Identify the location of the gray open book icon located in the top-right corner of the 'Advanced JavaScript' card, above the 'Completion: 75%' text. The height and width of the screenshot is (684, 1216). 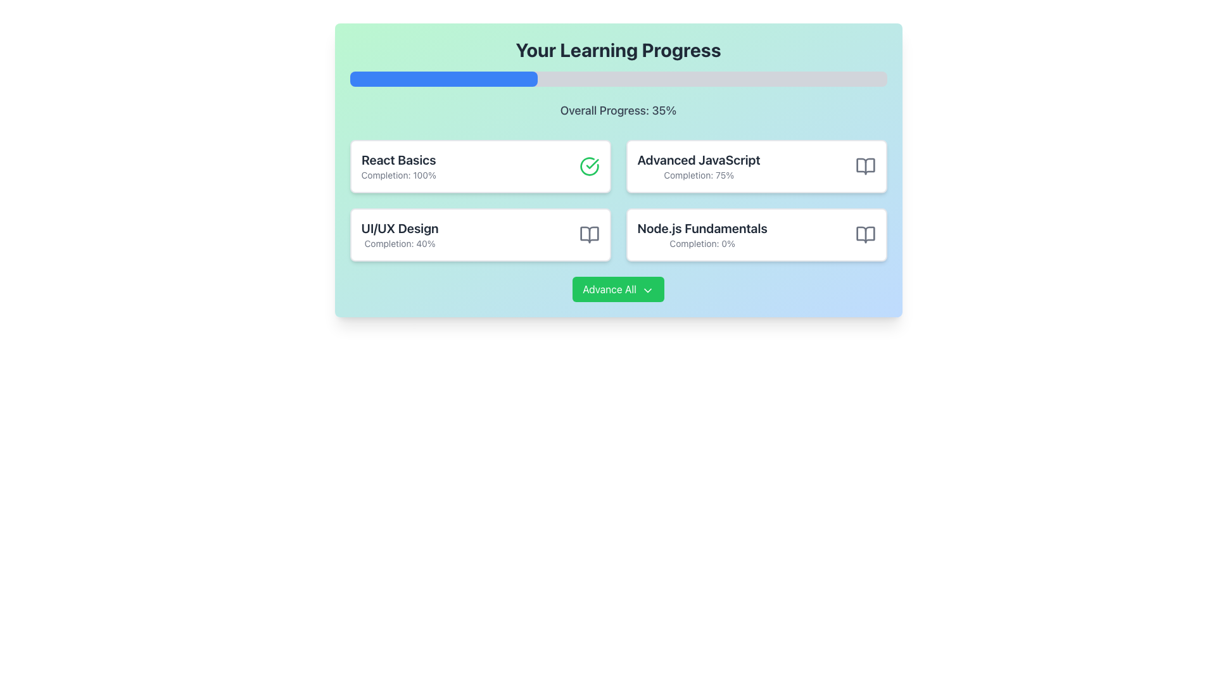
(864, 165).